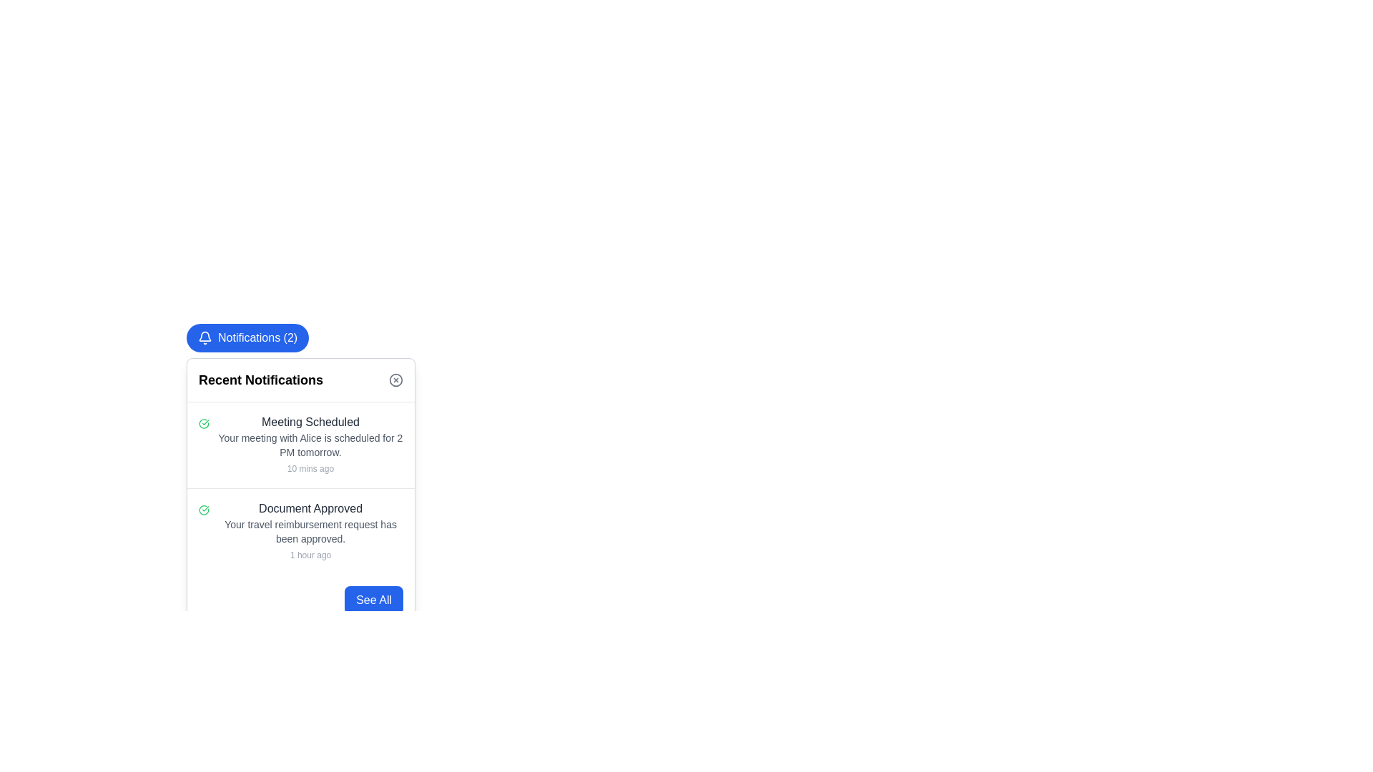 Image resolution: width=1373 pixels, height=772 pixels. I want to click on the header text label of the notification panel, which indicates the section displays recent notifications, so click(260, 380).